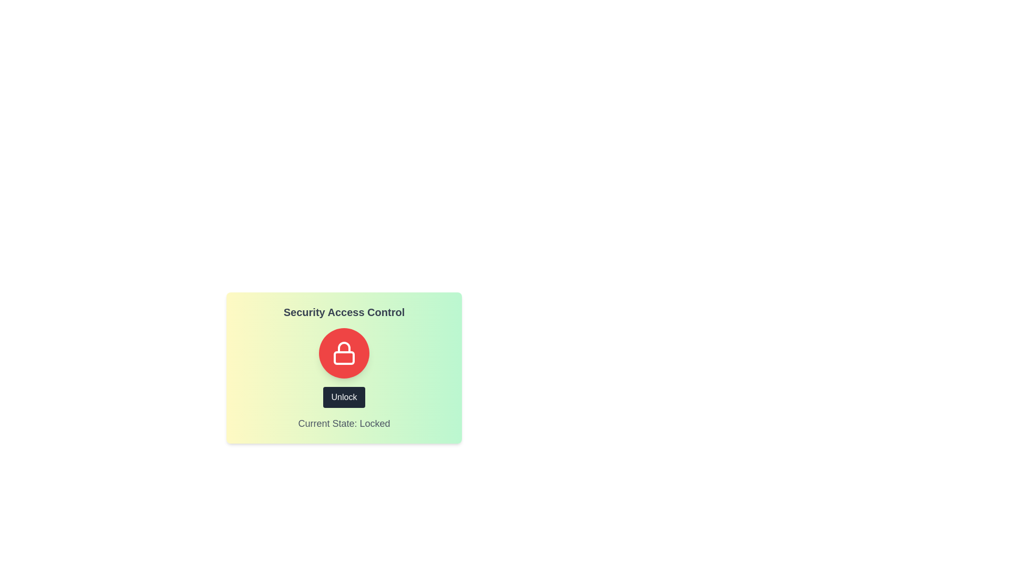  I want to click on Unlock button to toggle the lock state, so click(344, 397).